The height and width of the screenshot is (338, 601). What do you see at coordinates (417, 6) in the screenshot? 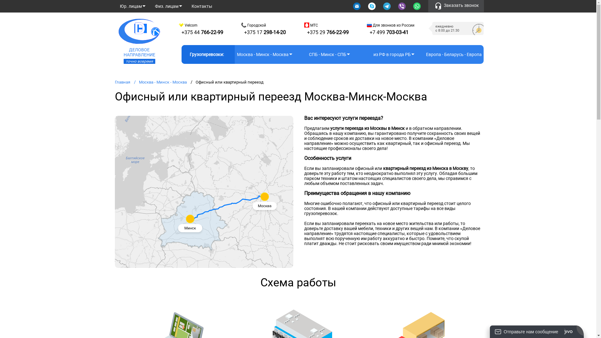
I see `'WhatsApp'` at bounding box center [417, 6].